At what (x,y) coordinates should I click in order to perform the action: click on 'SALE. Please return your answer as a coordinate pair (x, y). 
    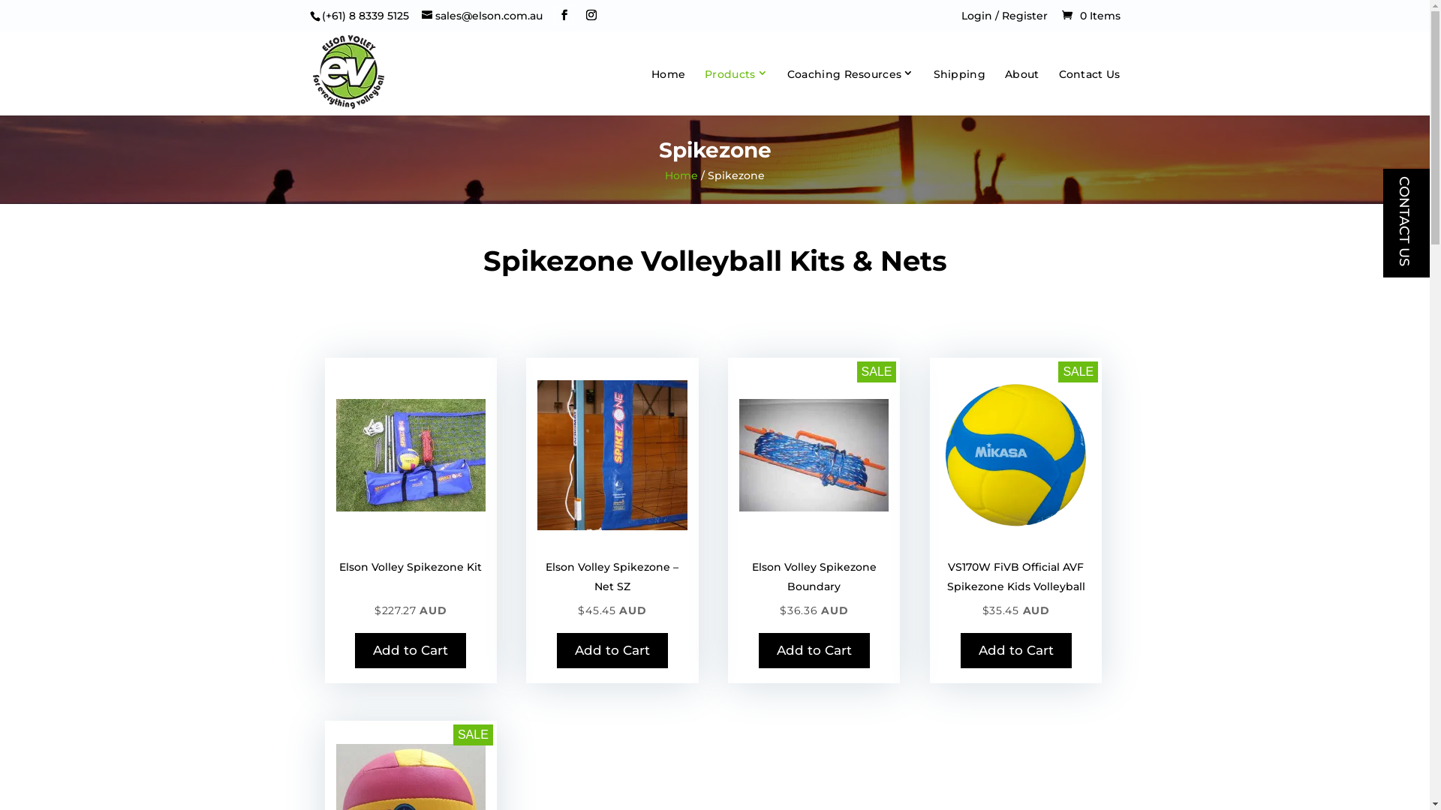
    Looking at the image, I should click on (813, 598).